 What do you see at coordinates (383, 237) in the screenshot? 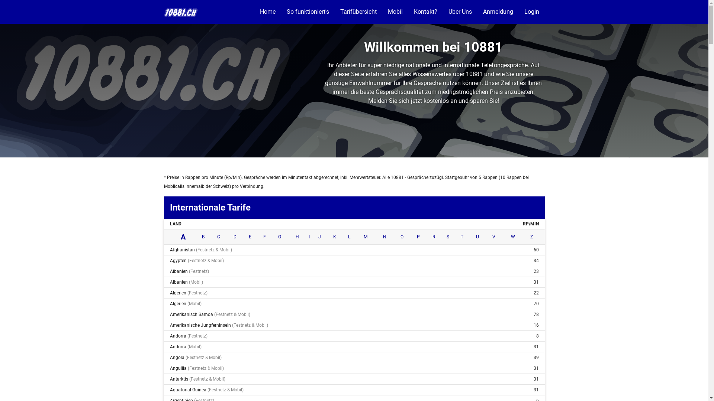
I see `'N'` at bounding box center [383, 237].